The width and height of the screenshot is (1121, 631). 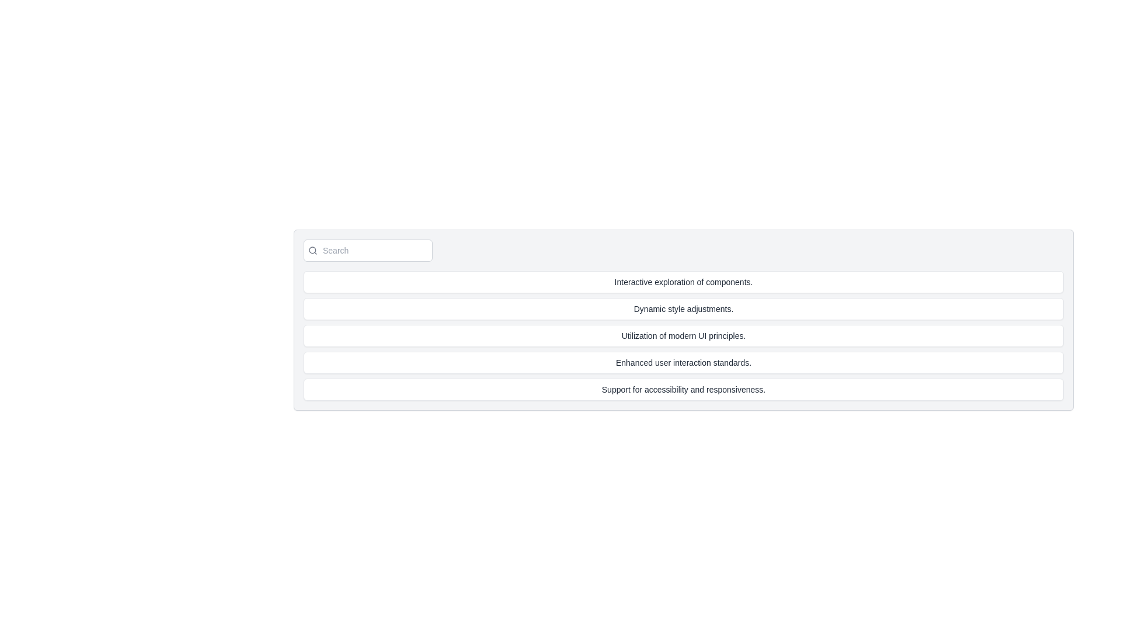 What do you see at coordinates (636, 308) in the screenshot?
I see `the letter 'D' at the start of the sentence 'Dynamic style adjustments.' for reading` at bounding box center [636, 308].